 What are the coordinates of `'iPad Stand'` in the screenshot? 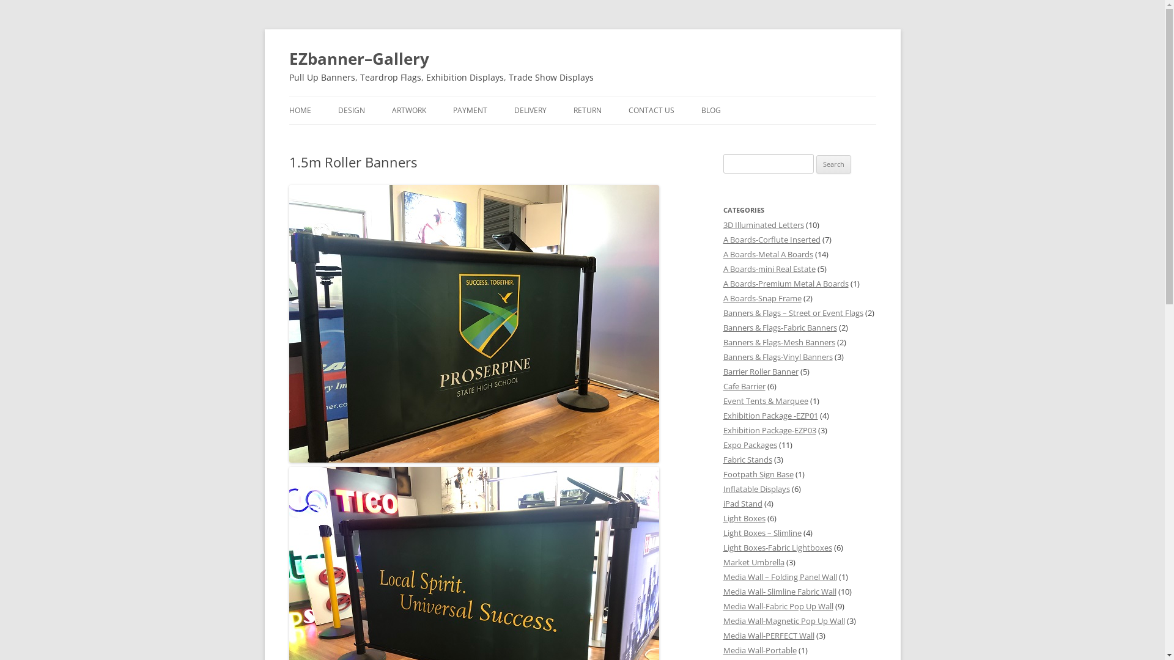 It's located at (742, 504).